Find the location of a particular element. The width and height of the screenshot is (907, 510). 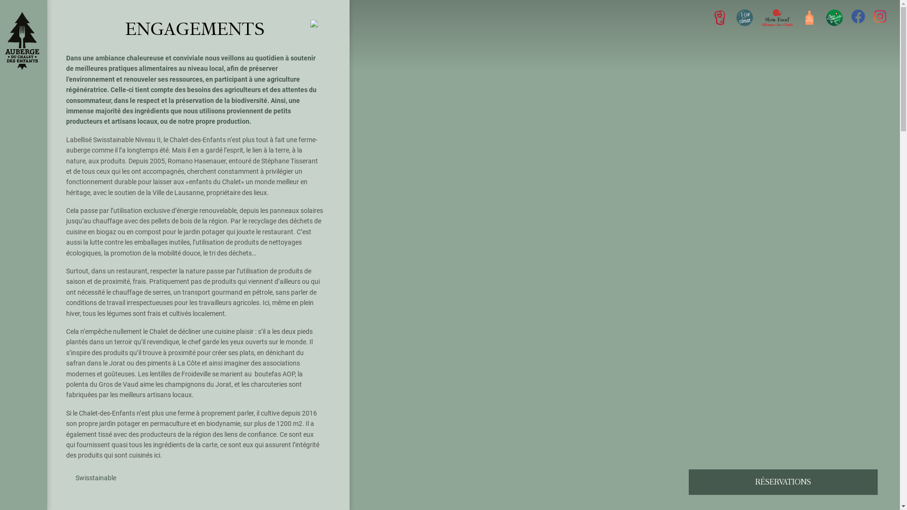

'200929_SF_Alliance des Chefs_farbig' is located at coordinates (762, 17).